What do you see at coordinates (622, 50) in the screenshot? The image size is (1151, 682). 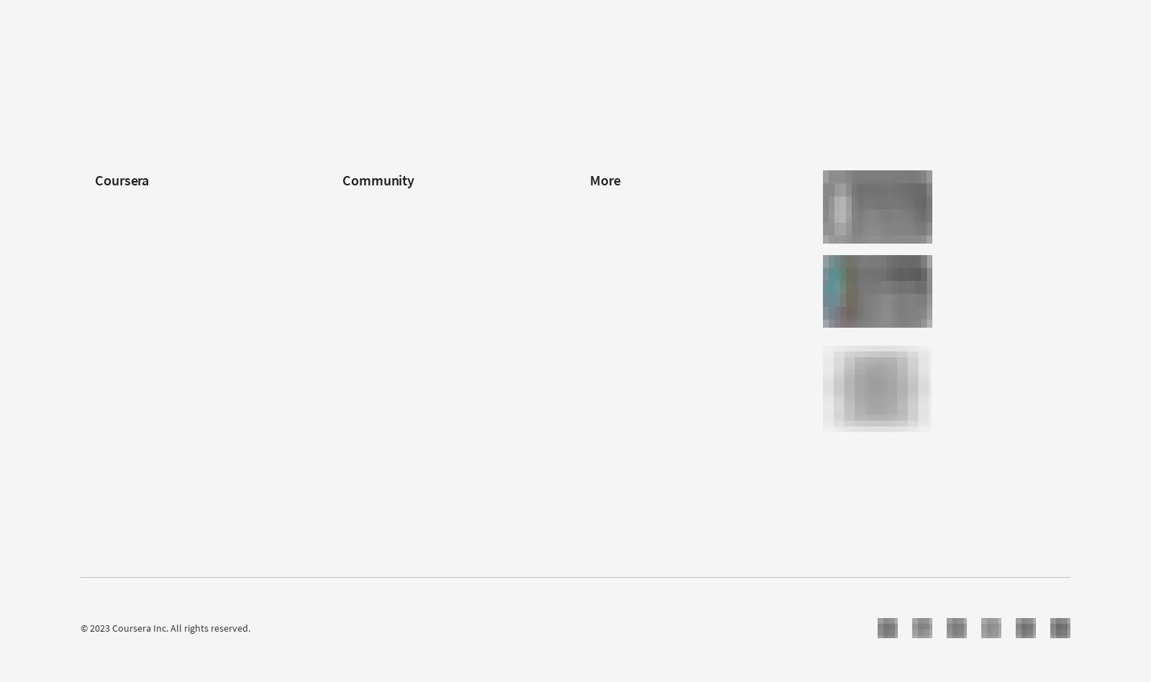 I see `'See All Courses'` at bounding box center [622, 50].